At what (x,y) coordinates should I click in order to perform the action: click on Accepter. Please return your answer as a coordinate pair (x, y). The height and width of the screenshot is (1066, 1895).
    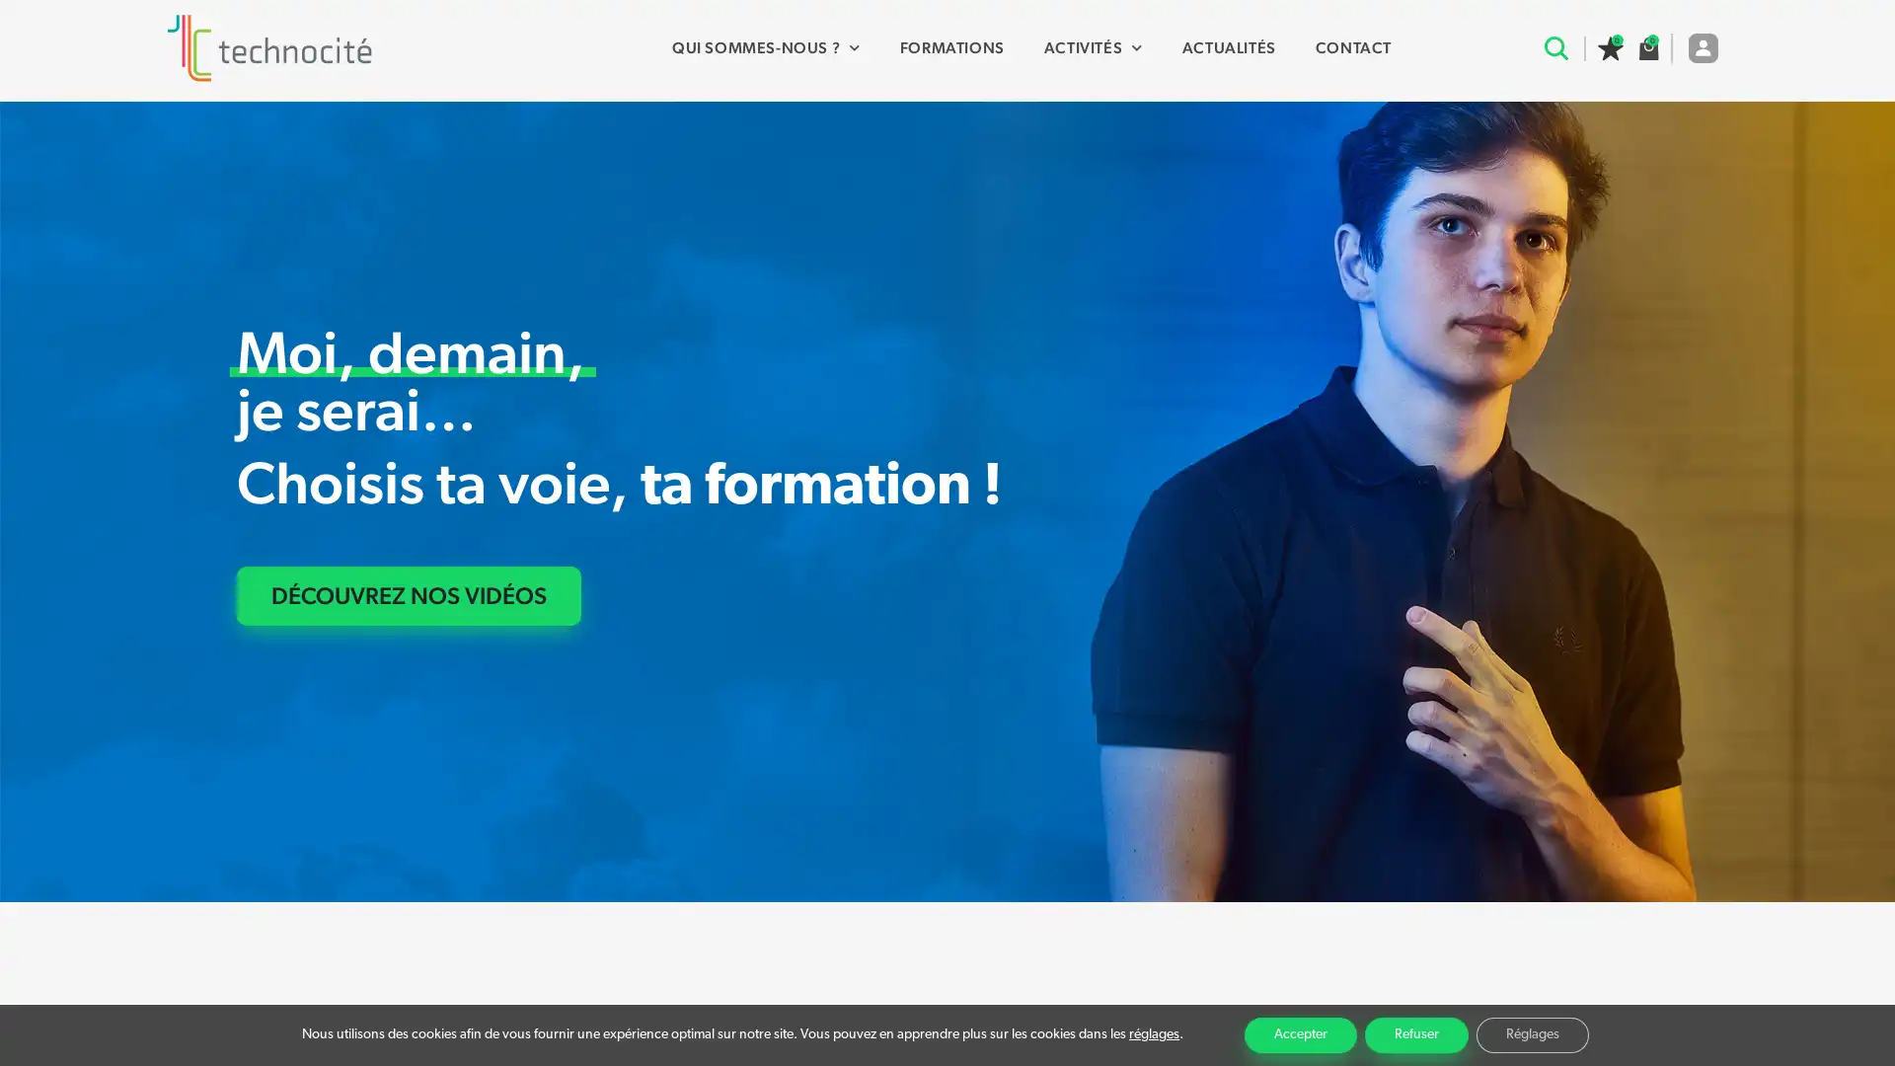
    Looking at the image, I should click on (1299, 1034).